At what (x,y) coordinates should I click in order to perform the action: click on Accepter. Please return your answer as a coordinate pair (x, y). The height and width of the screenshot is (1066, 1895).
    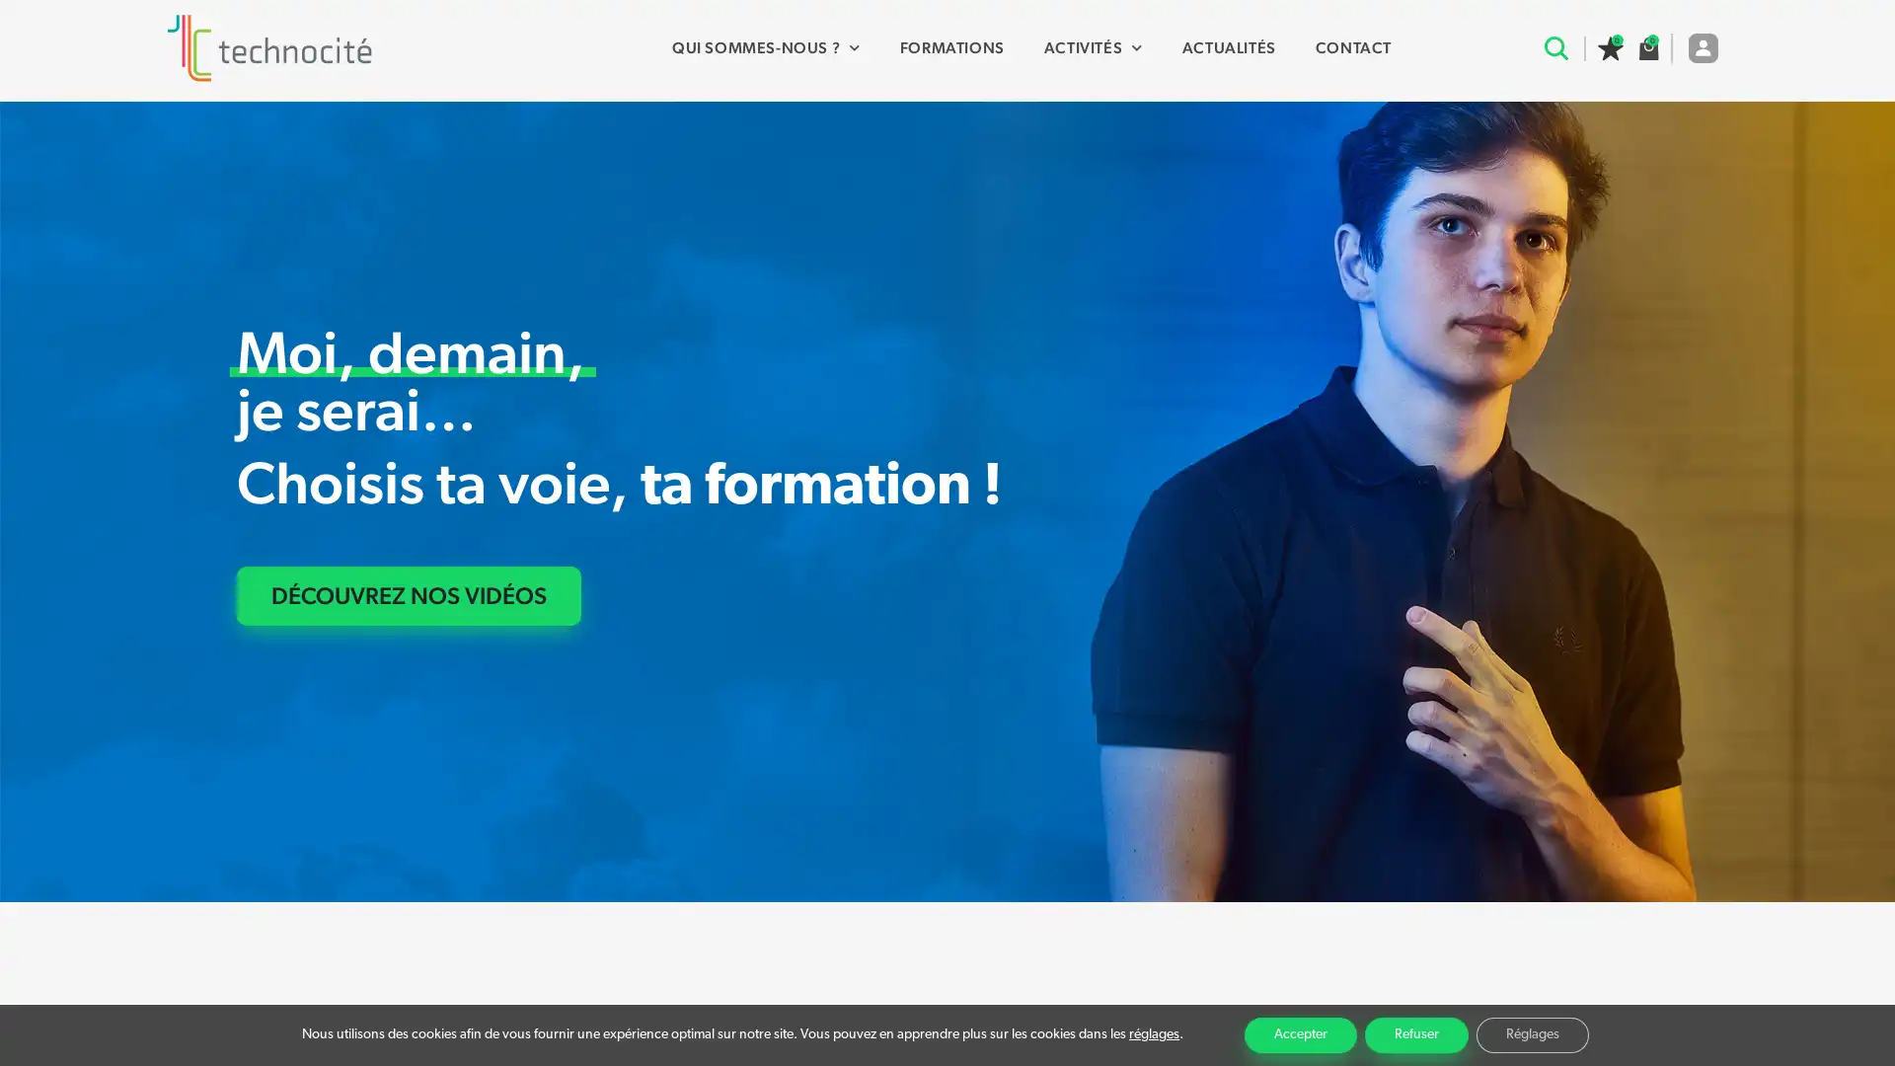
    Looking at the image, I should click on (1299, 1034).